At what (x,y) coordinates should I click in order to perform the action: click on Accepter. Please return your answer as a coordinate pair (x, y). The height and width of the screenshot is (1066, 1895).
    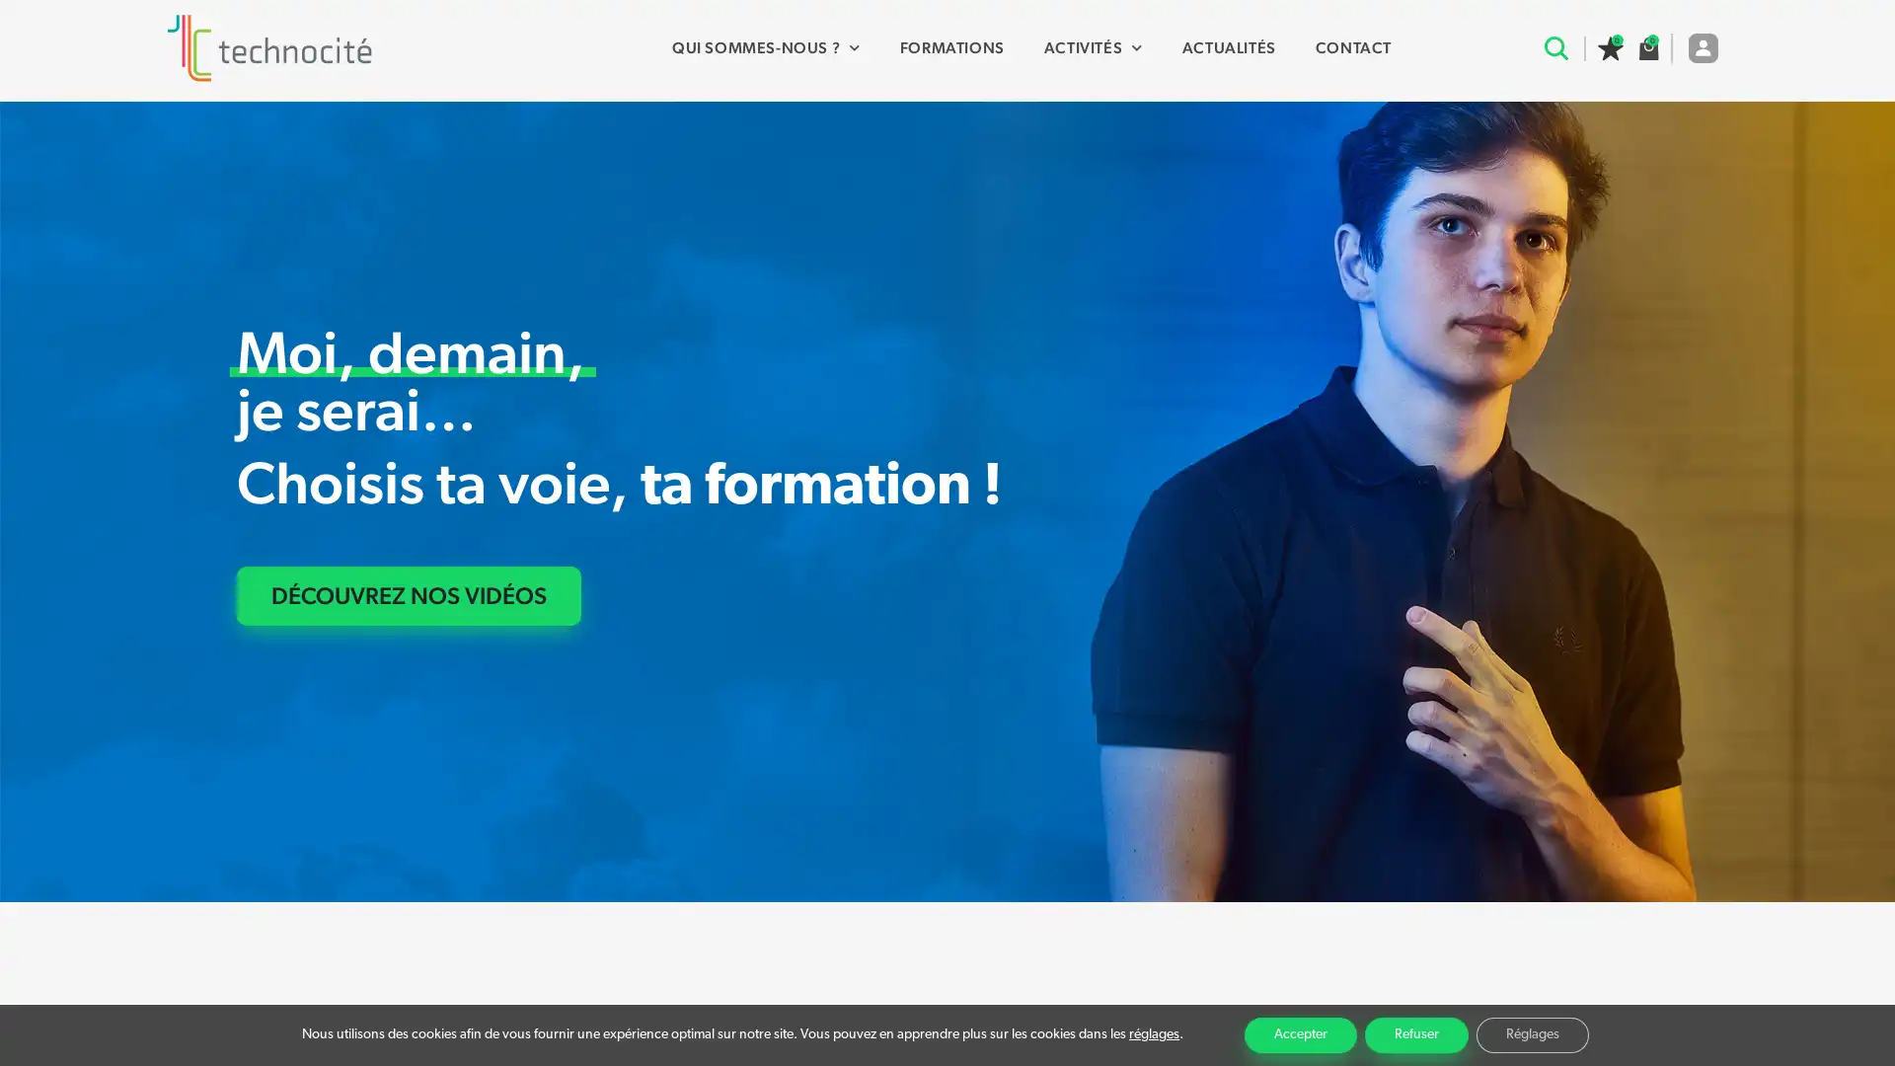
    Looking at the image, I should click on (1299, 1034).